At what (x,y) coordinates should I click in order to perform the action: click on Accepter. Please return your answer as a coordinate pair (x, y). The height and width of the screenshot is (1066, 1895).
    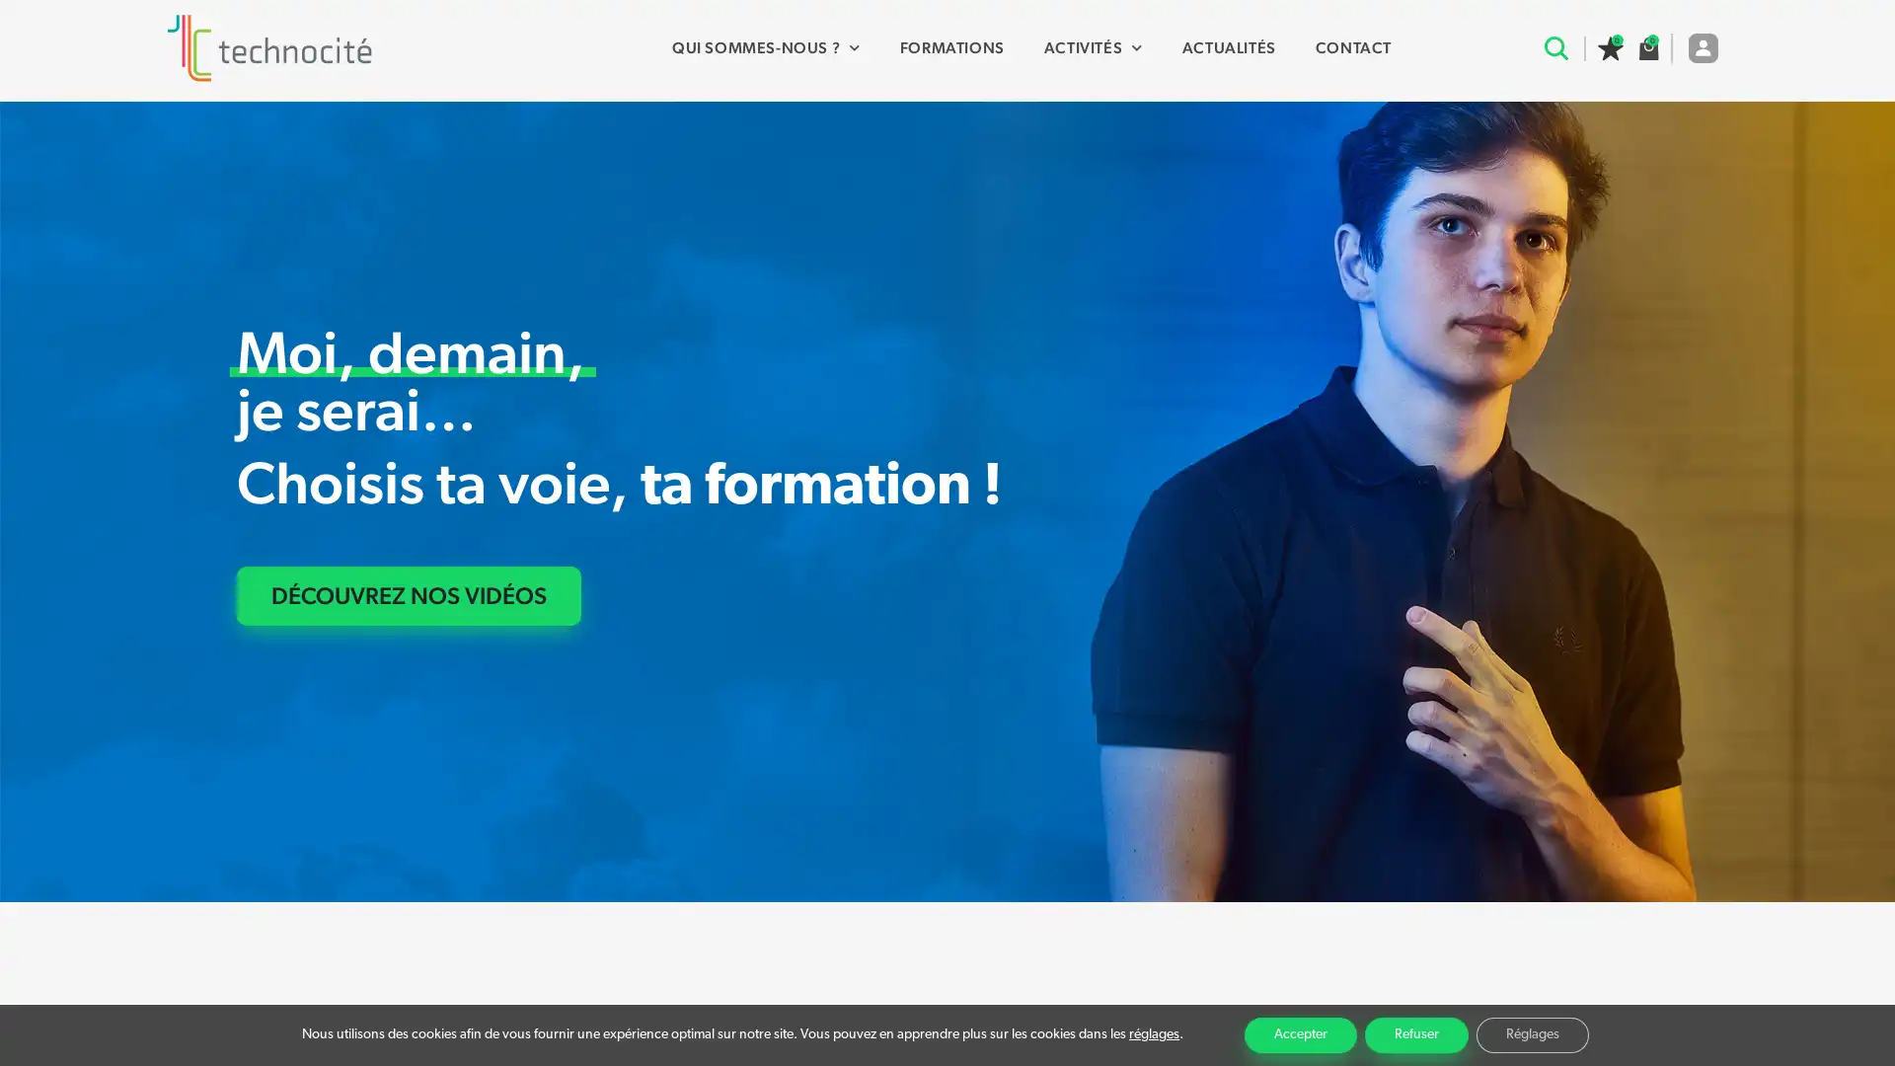
    Looking at the image, I should click on (1299, 1034).